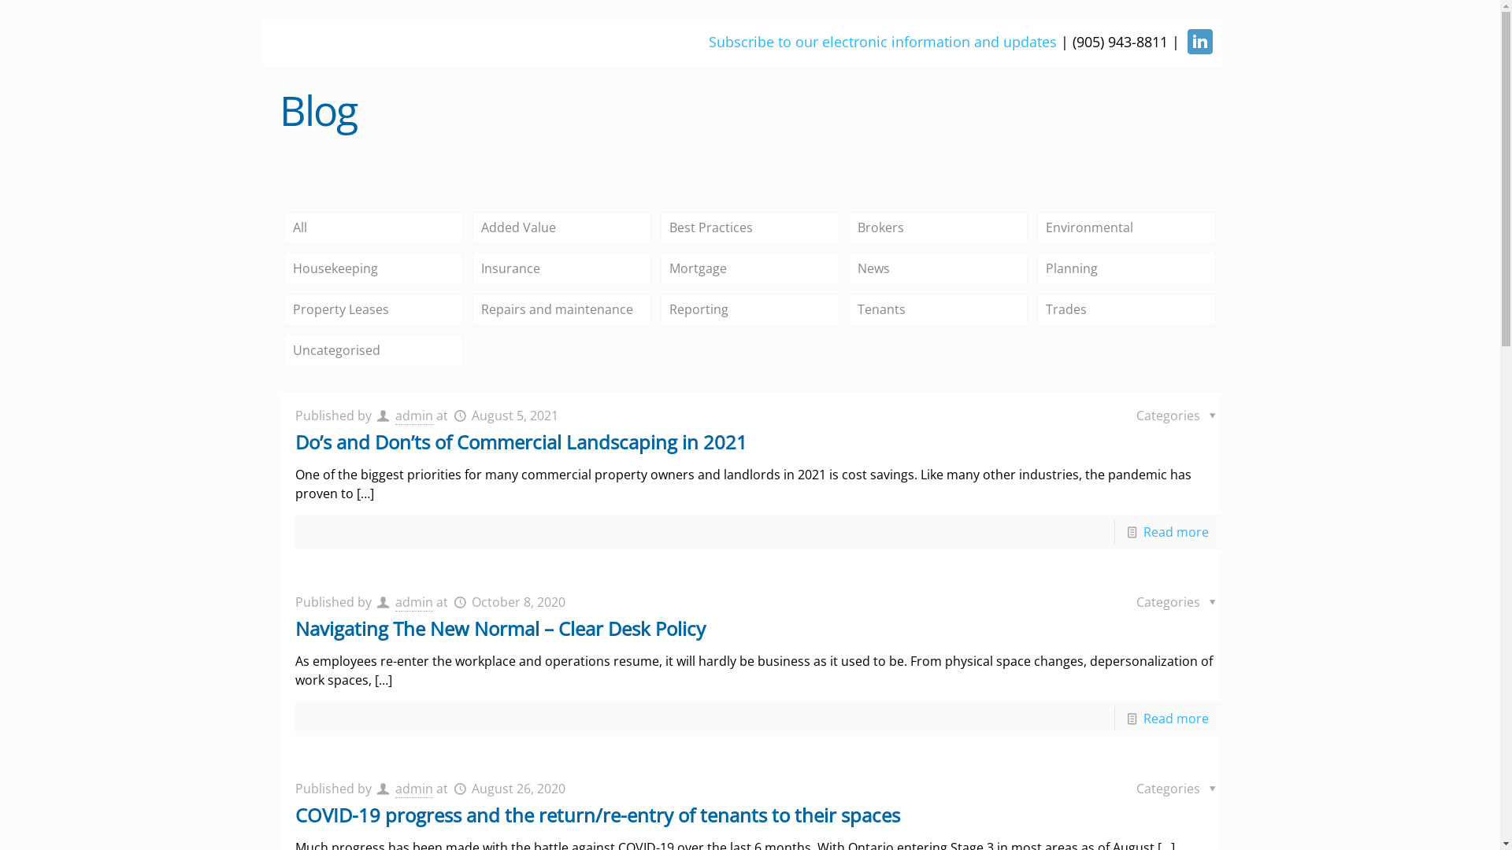 Image resolution: width=1512 pixels, height=850 pixels. I want to click on 'Trades', so click(1036, 309).